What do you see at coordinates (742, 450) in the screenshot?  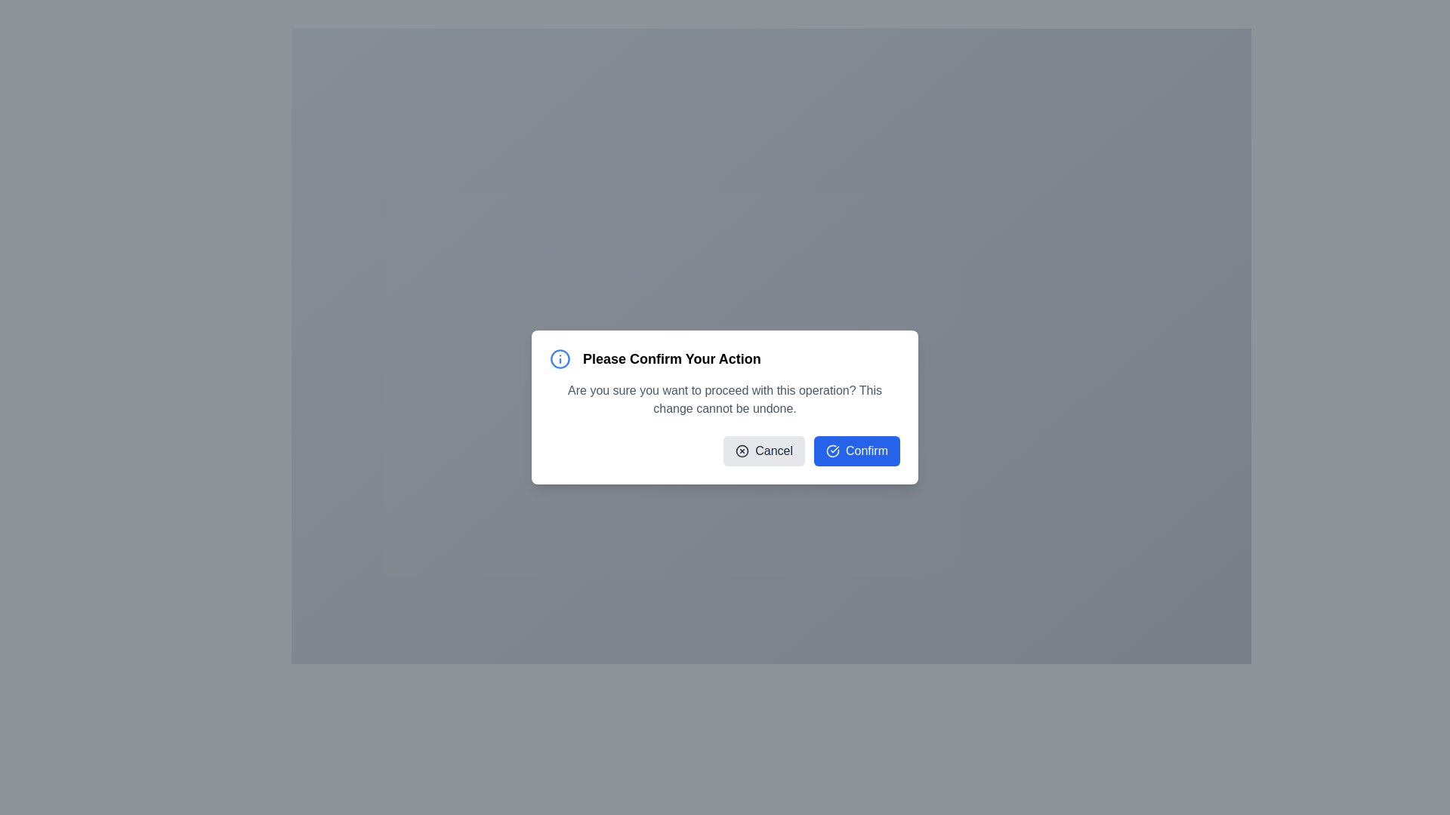 I see `the cancel or close action SVG icon located to the left of the Cancel button in the dialog box` at bounding box center [742, 450].